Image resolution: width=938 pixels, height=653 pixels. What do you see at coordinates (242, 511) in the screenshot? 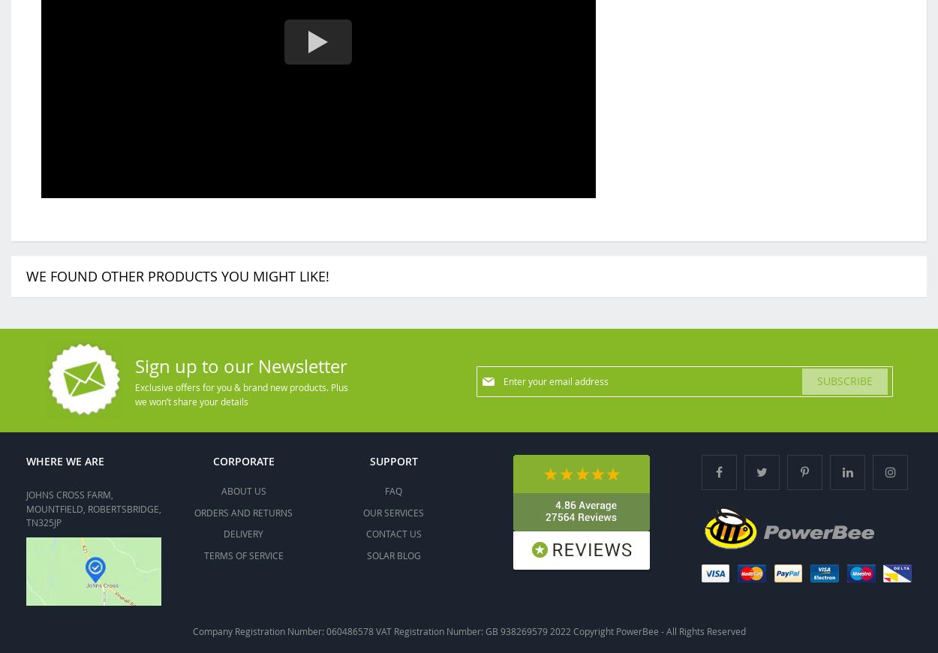
I see `'Orders and Returns'` at bounding box center [242, 511].